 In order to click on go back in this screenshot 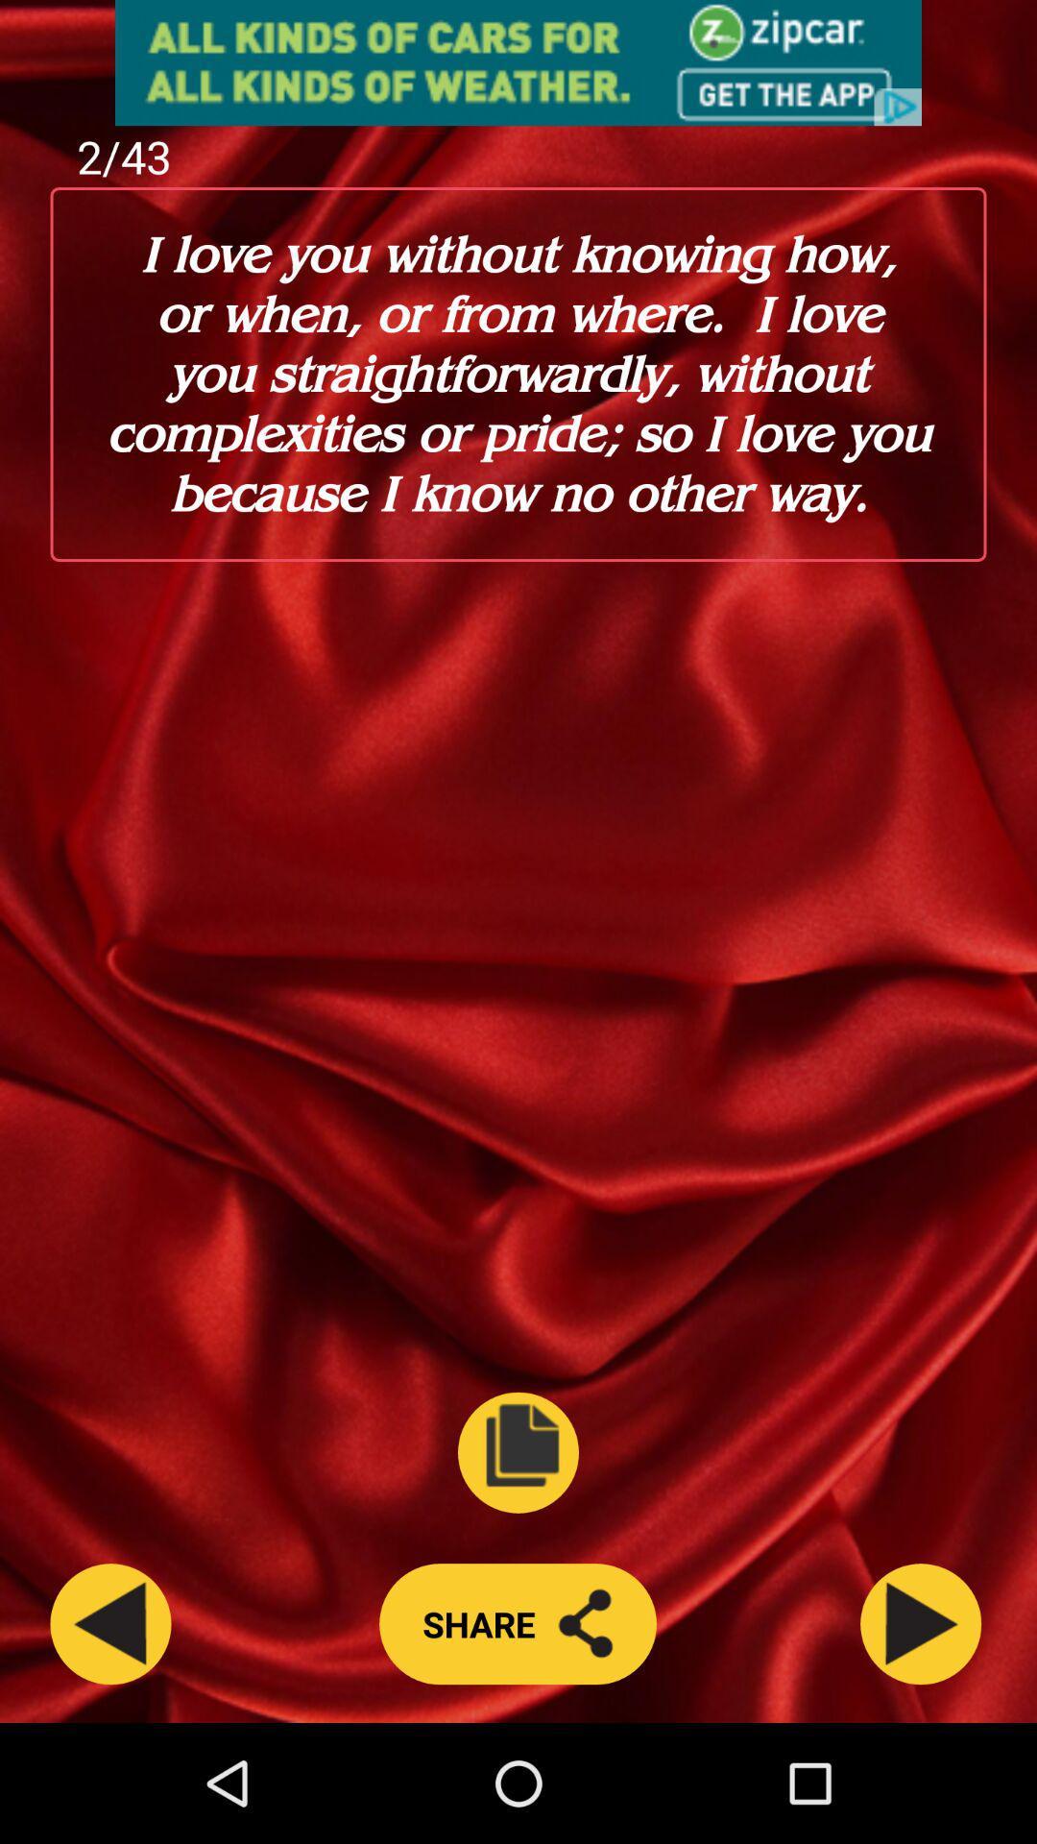, I will do `click(110, 1623)`.